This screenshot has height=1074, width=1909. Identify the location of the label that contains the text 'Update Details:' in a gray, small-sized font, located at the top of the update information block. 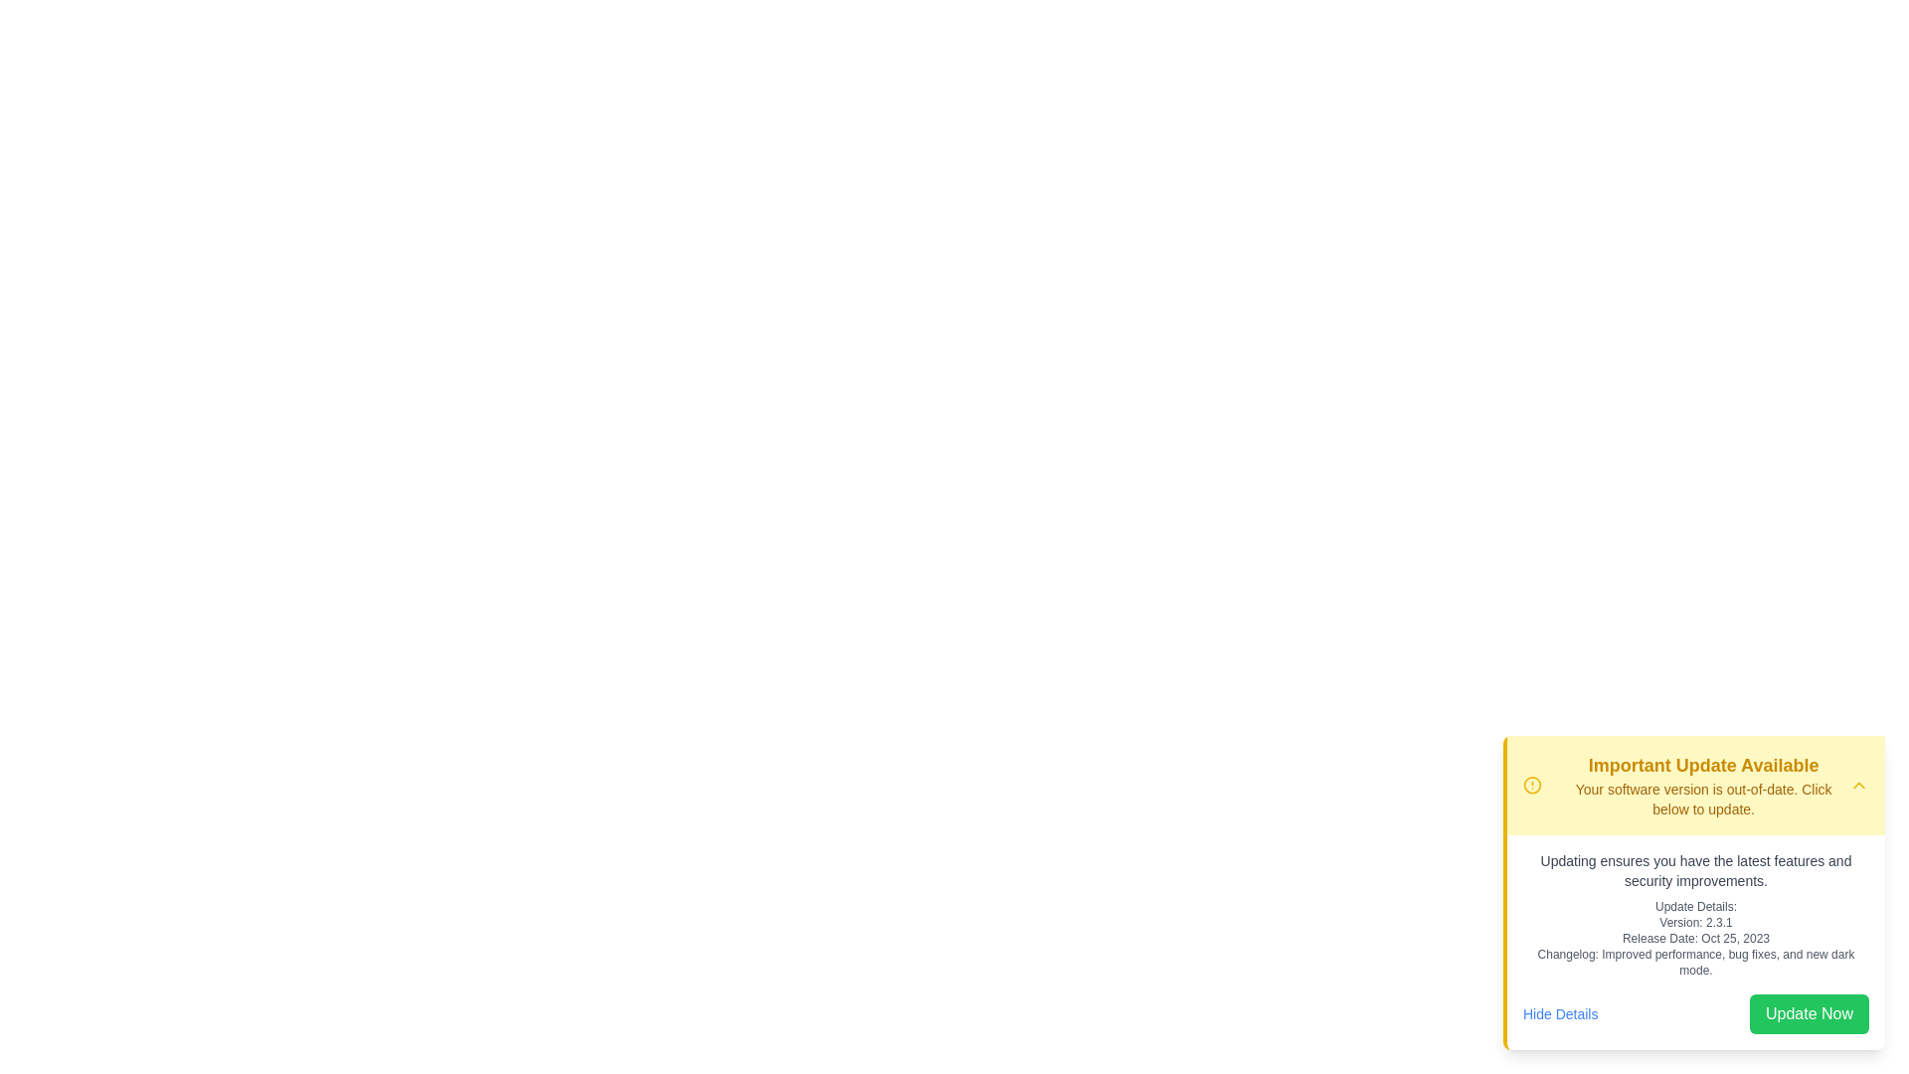
(1694, 906).